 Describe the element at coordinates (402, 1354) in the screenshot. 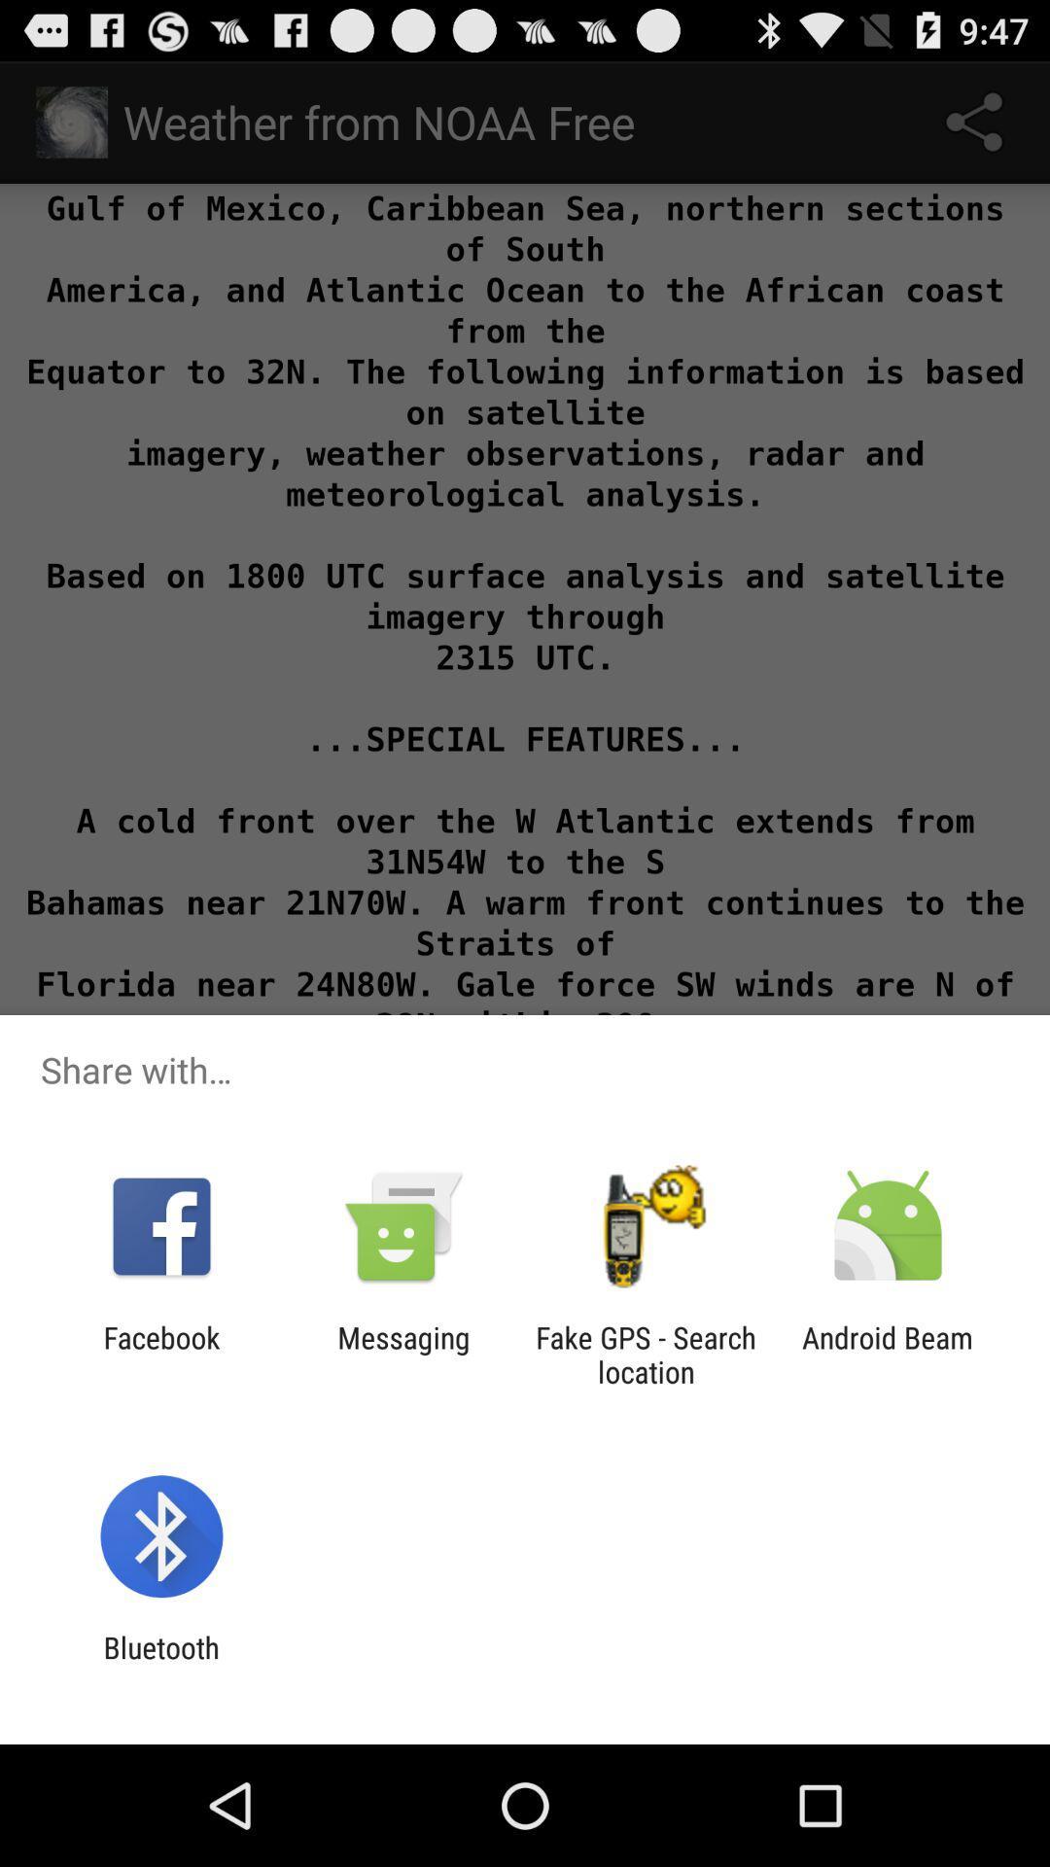

I see `app next to the fake gps search` at that location.